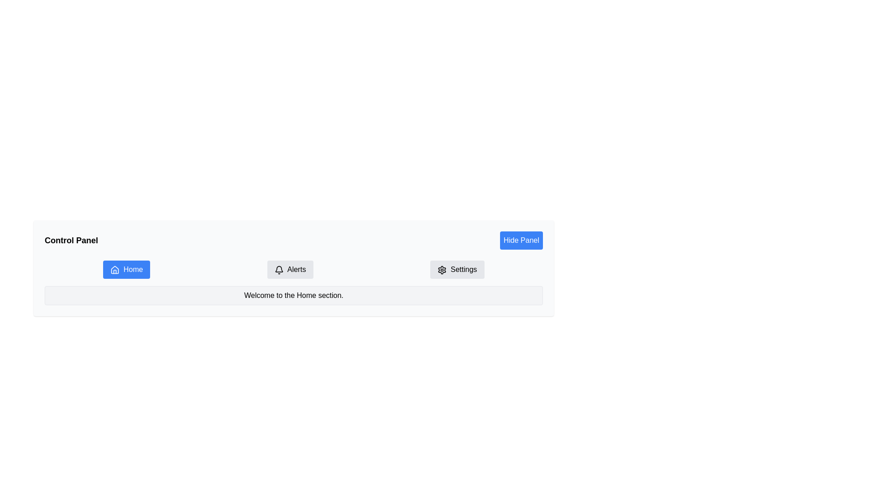 The height and width of the screenshot is (492, 876). Describe the element at coordinates (279, 269) in the screenshot. I see `the bell icon located within the 'Alerts' button in the navigation bar, which is situated between the 'Home' and 'Settings' buttons` at that location.